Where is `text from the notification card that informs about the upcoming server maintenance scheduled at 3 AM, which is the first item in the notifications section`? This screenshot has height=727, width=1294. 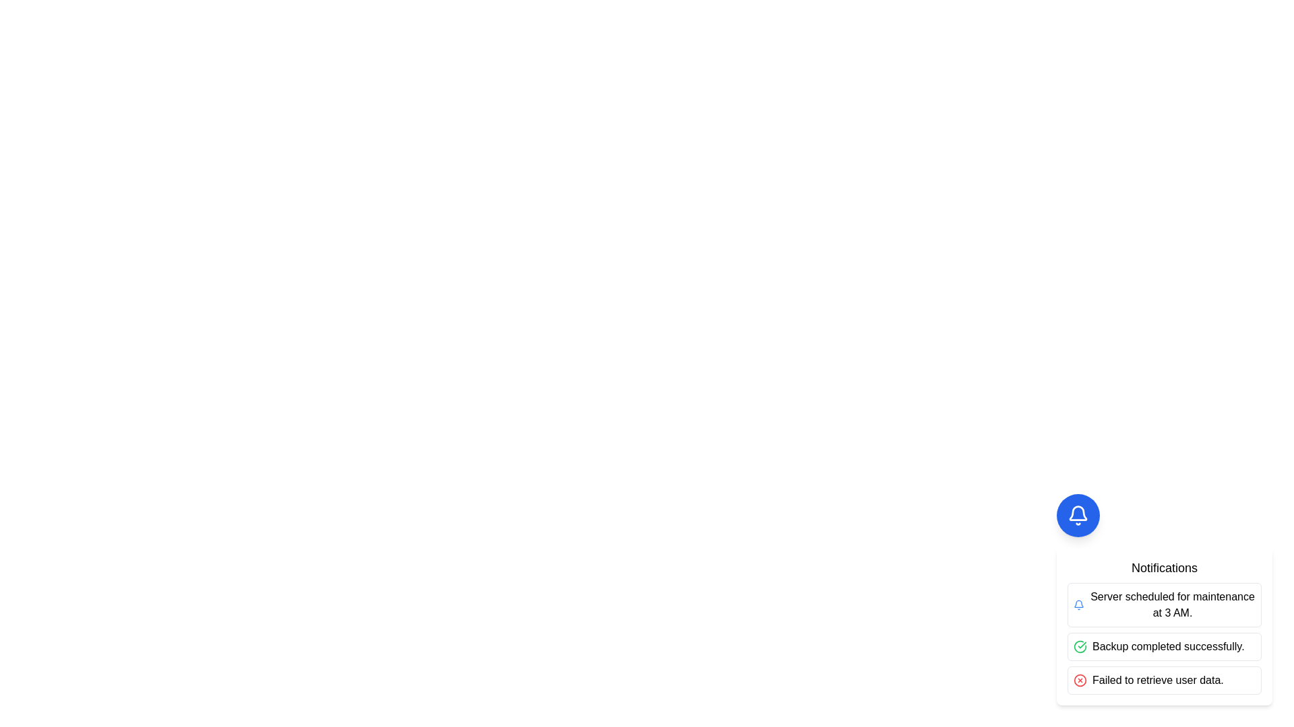 text from the notification card that informs about the upcoming server maintenance scheduled at 3 AM, which is the first item in the notifications section is located at coordinates (1164, 604).